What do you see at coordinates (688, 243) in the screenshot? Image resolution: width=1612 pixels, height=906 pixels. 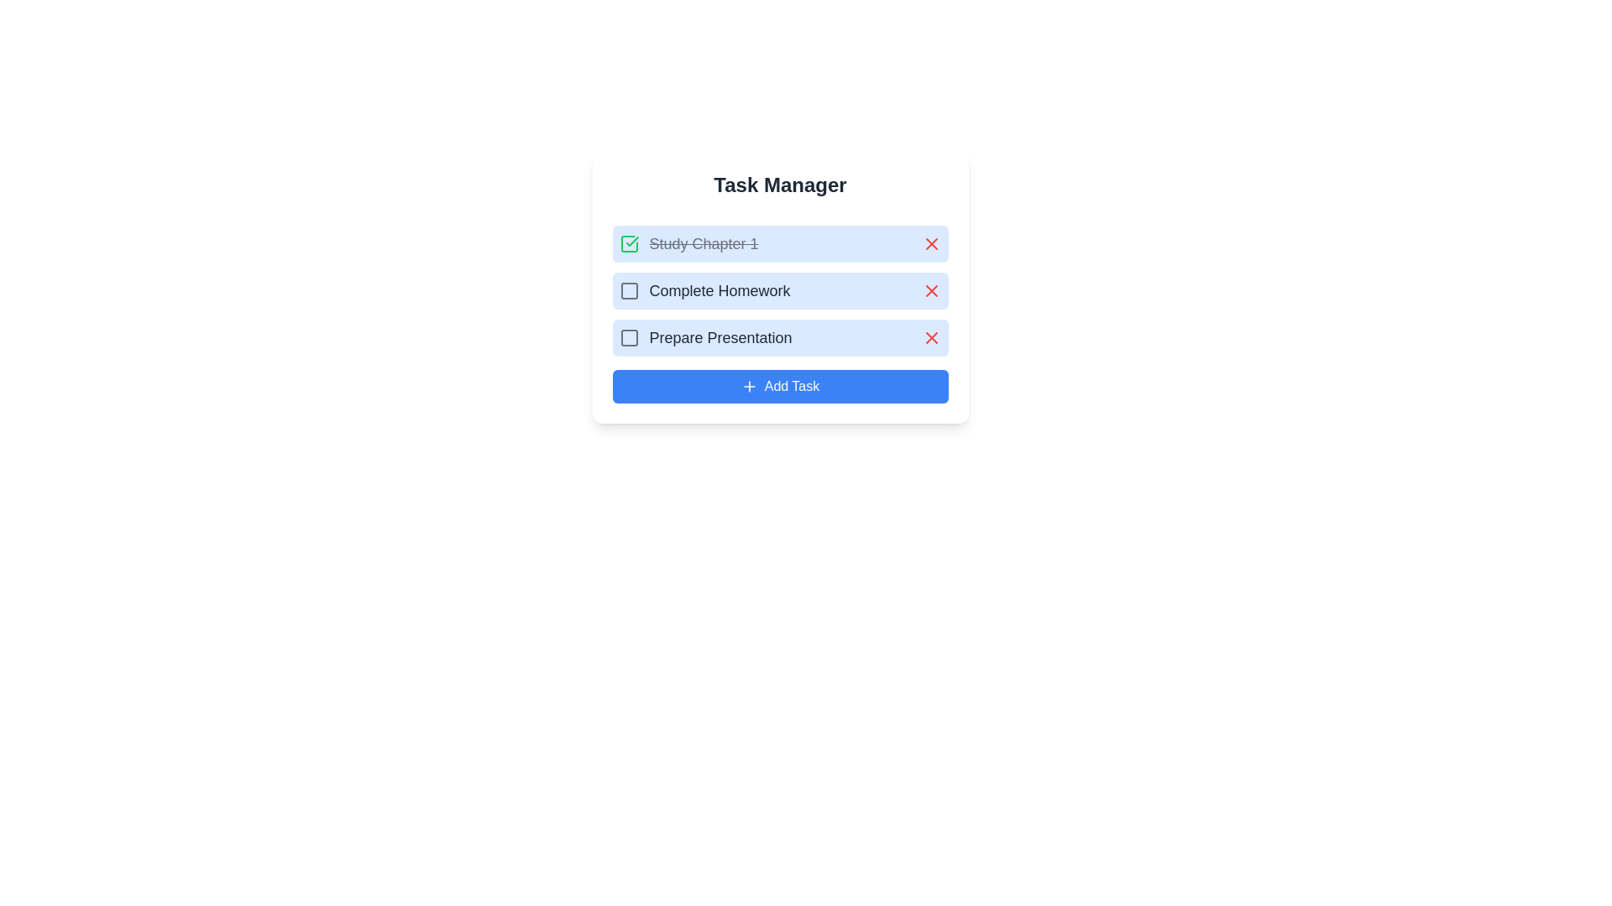 I see `the text label displaying 'Study Chapter 1' which has a strikethrough effect, indicating completion, located within the first task of a task manager interface` at bounding box center [688, 243].